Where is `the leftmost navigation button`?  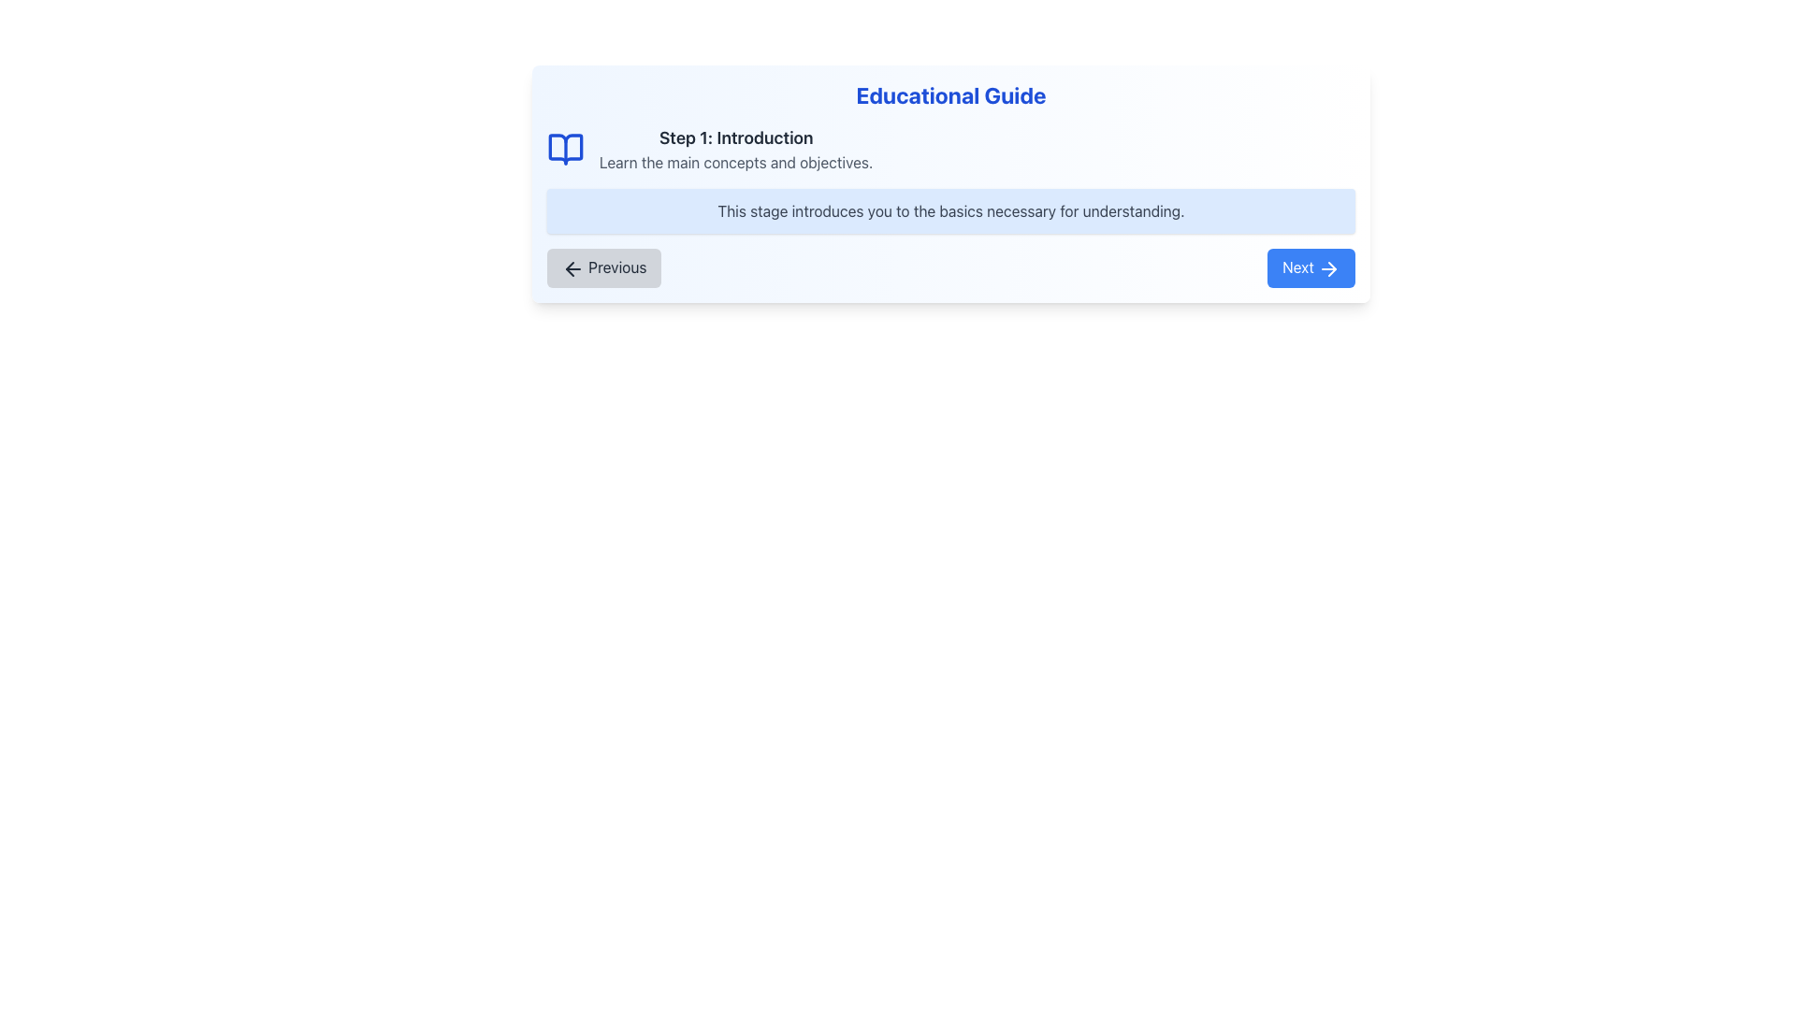 the leftmost navigation button is located at coordinates (604, 267).